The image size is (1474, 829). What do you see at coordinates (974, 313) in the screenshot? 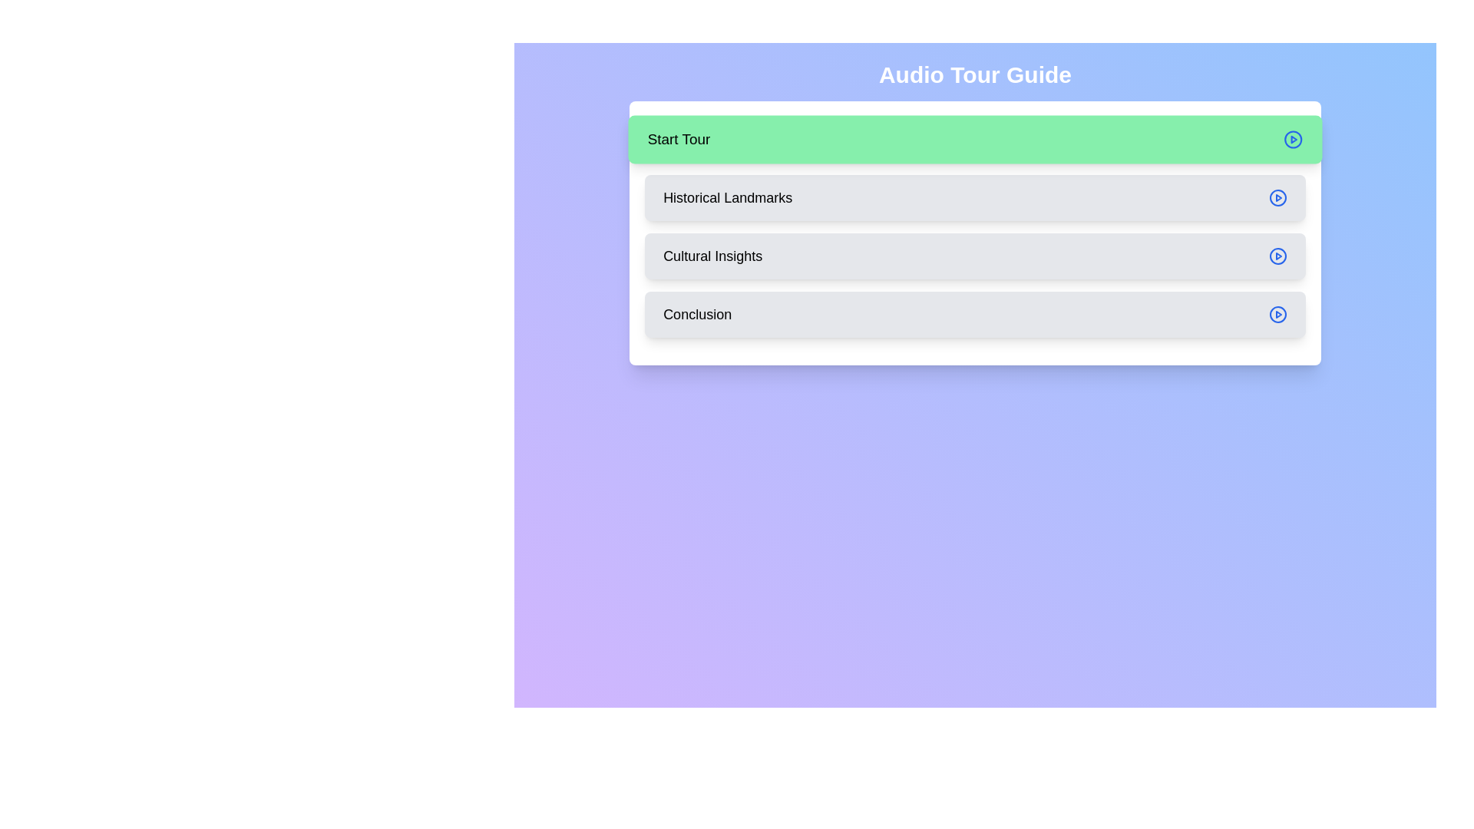
I see `the Conclusion step in the audio tour` at bounding box center [974, 313].